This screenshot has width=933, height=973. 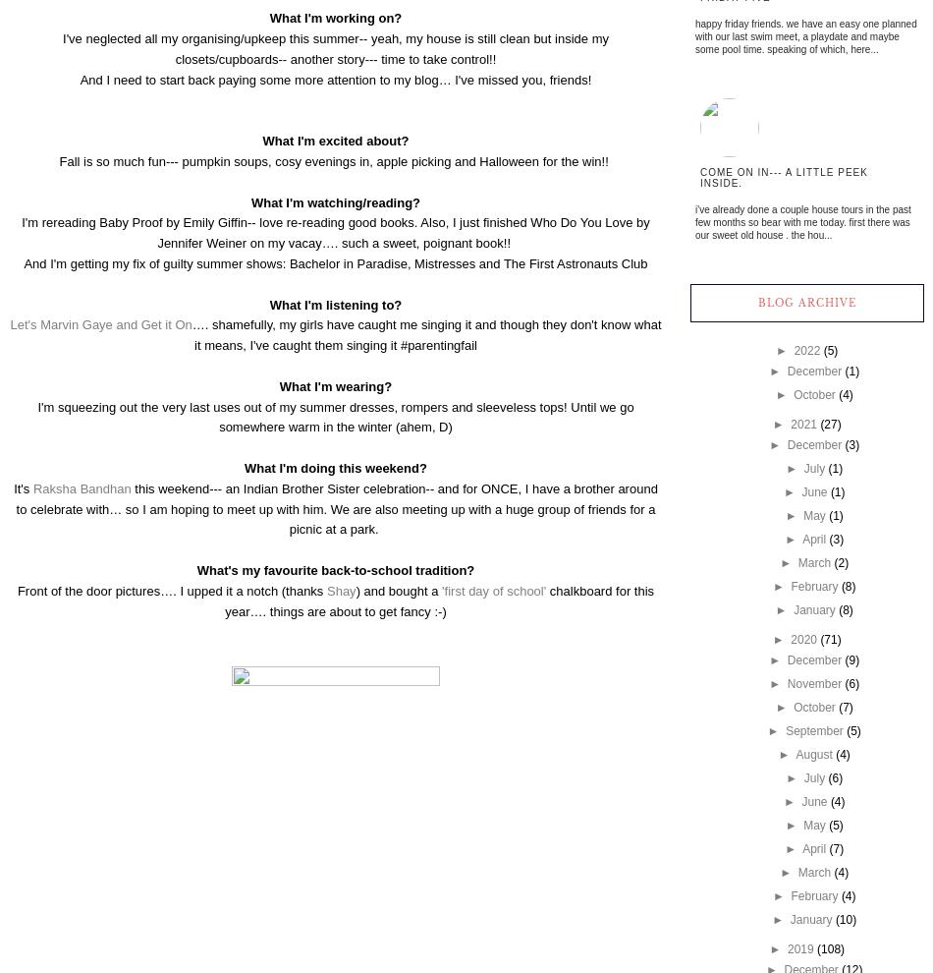 I want to click on 'What I'm doing this weekend?', so click(x=334, y=467).